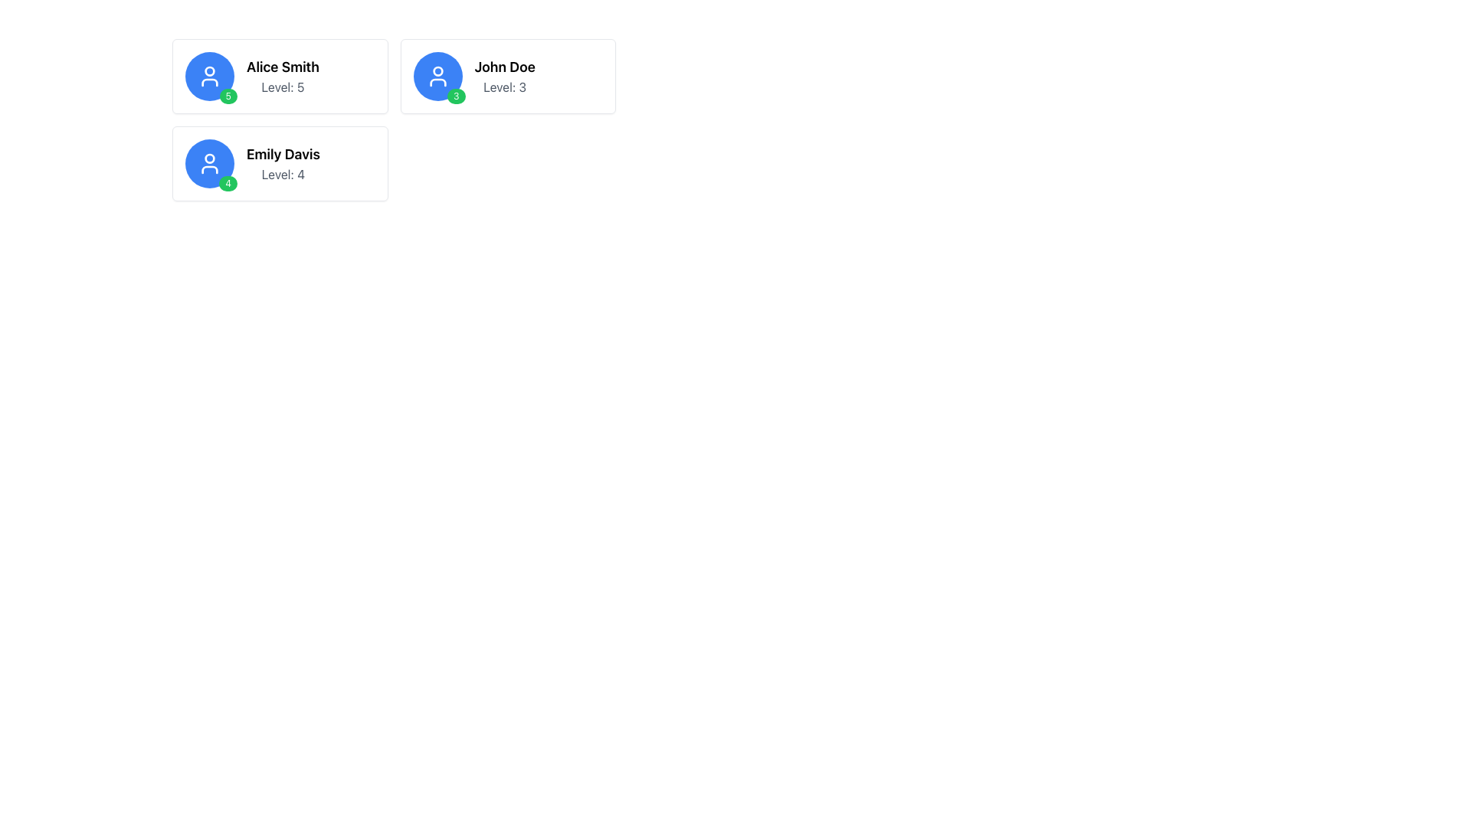 This screenshot has height=827, width=1471. What do you see at coordinates (455, 96) in the screenshot?
I see `the content of the small green circular Notification Badge with a white number '3' inside it, located at the bottom-right corner of the profile icon in the card labeled 'John Doe Level: 3'` at bounding box center [455, 96].